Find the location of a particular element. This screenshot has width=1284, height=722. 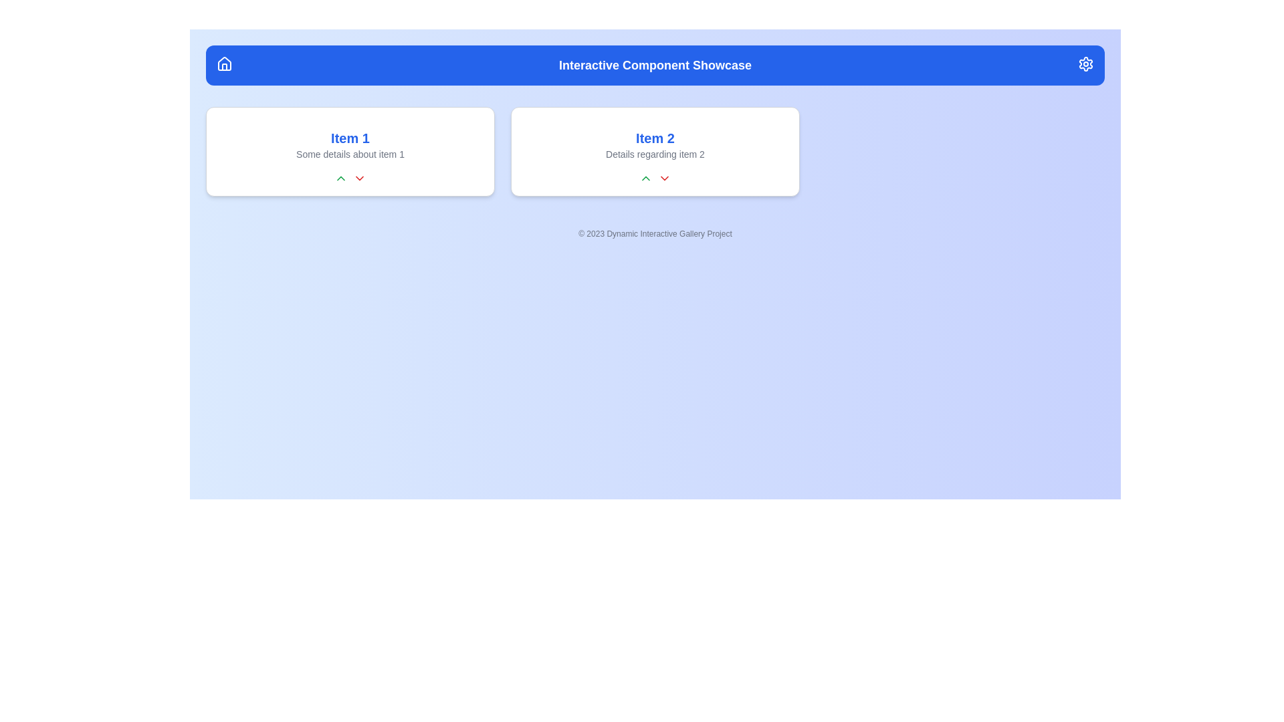

text content of the footer section displaying '© 2023 Dynamic Interactive Gallery Project', which is styled with a gray font color and centered alignment is located at coordinates (655, 233).